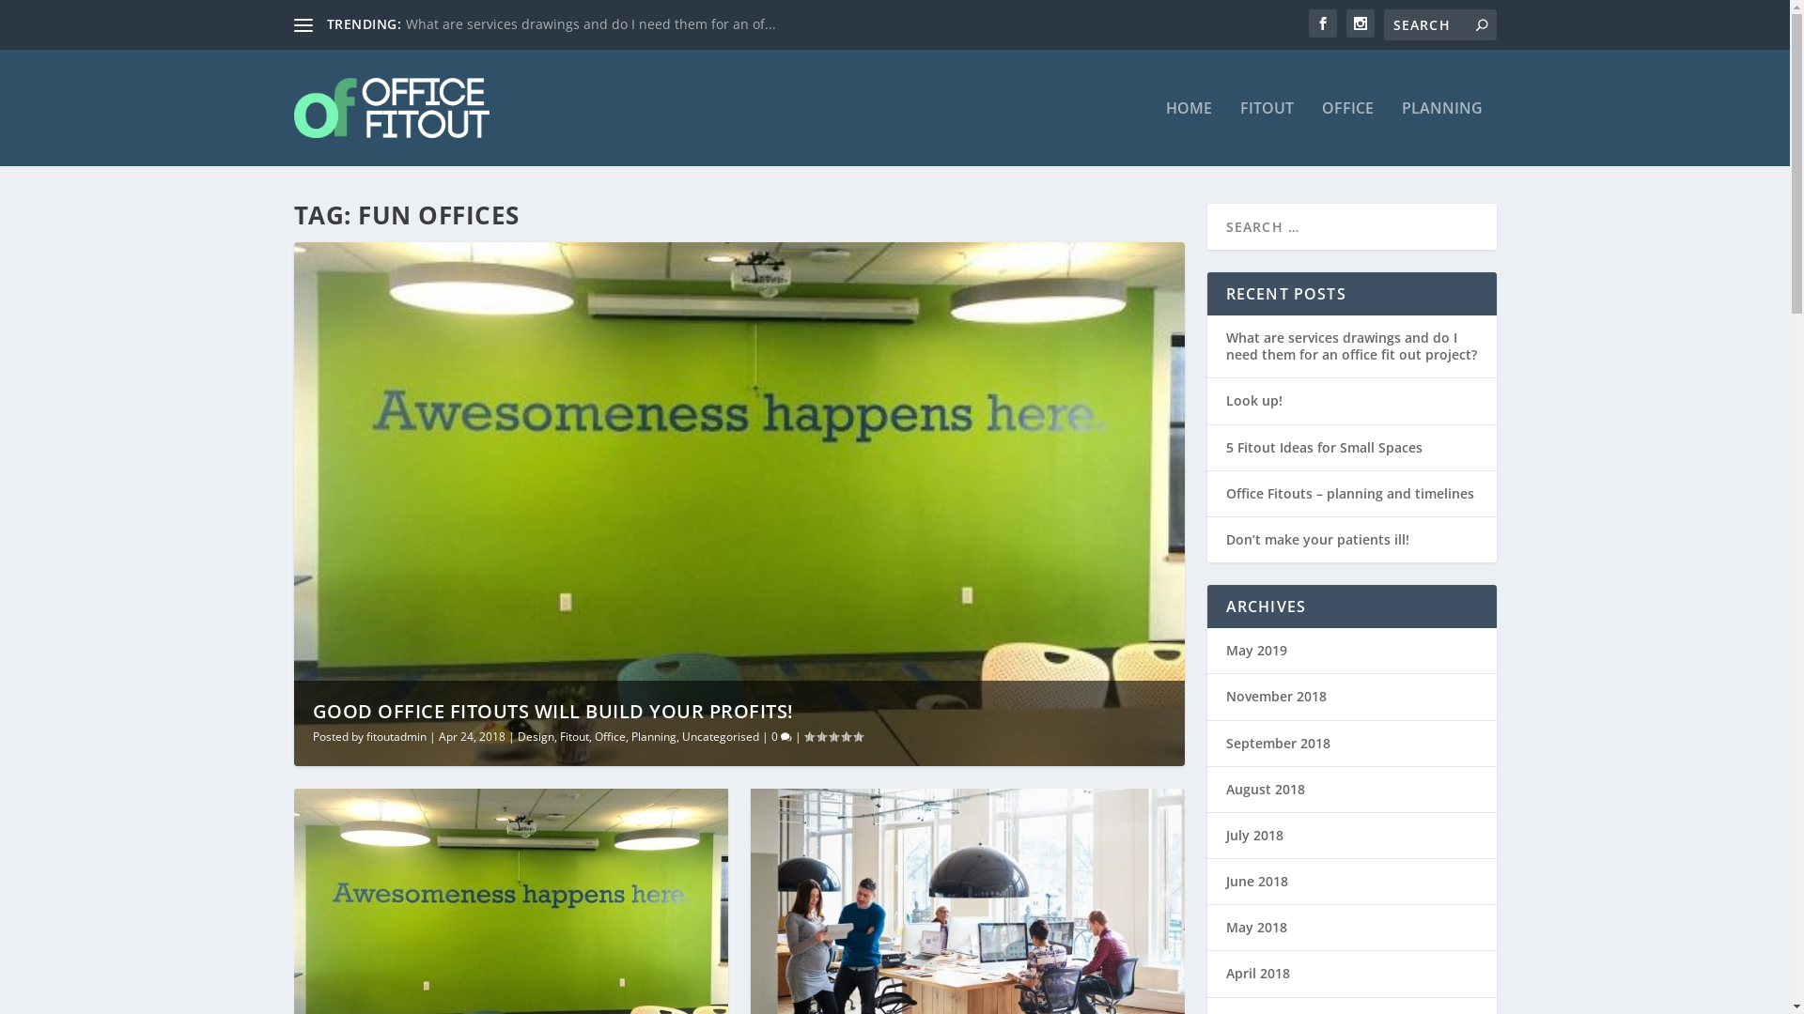 This screenshot has height=1014, width=1804. What do you see at coordinates (534, 735) in the screenshot?
I see `'Design'` at bounding box center [534, 735].